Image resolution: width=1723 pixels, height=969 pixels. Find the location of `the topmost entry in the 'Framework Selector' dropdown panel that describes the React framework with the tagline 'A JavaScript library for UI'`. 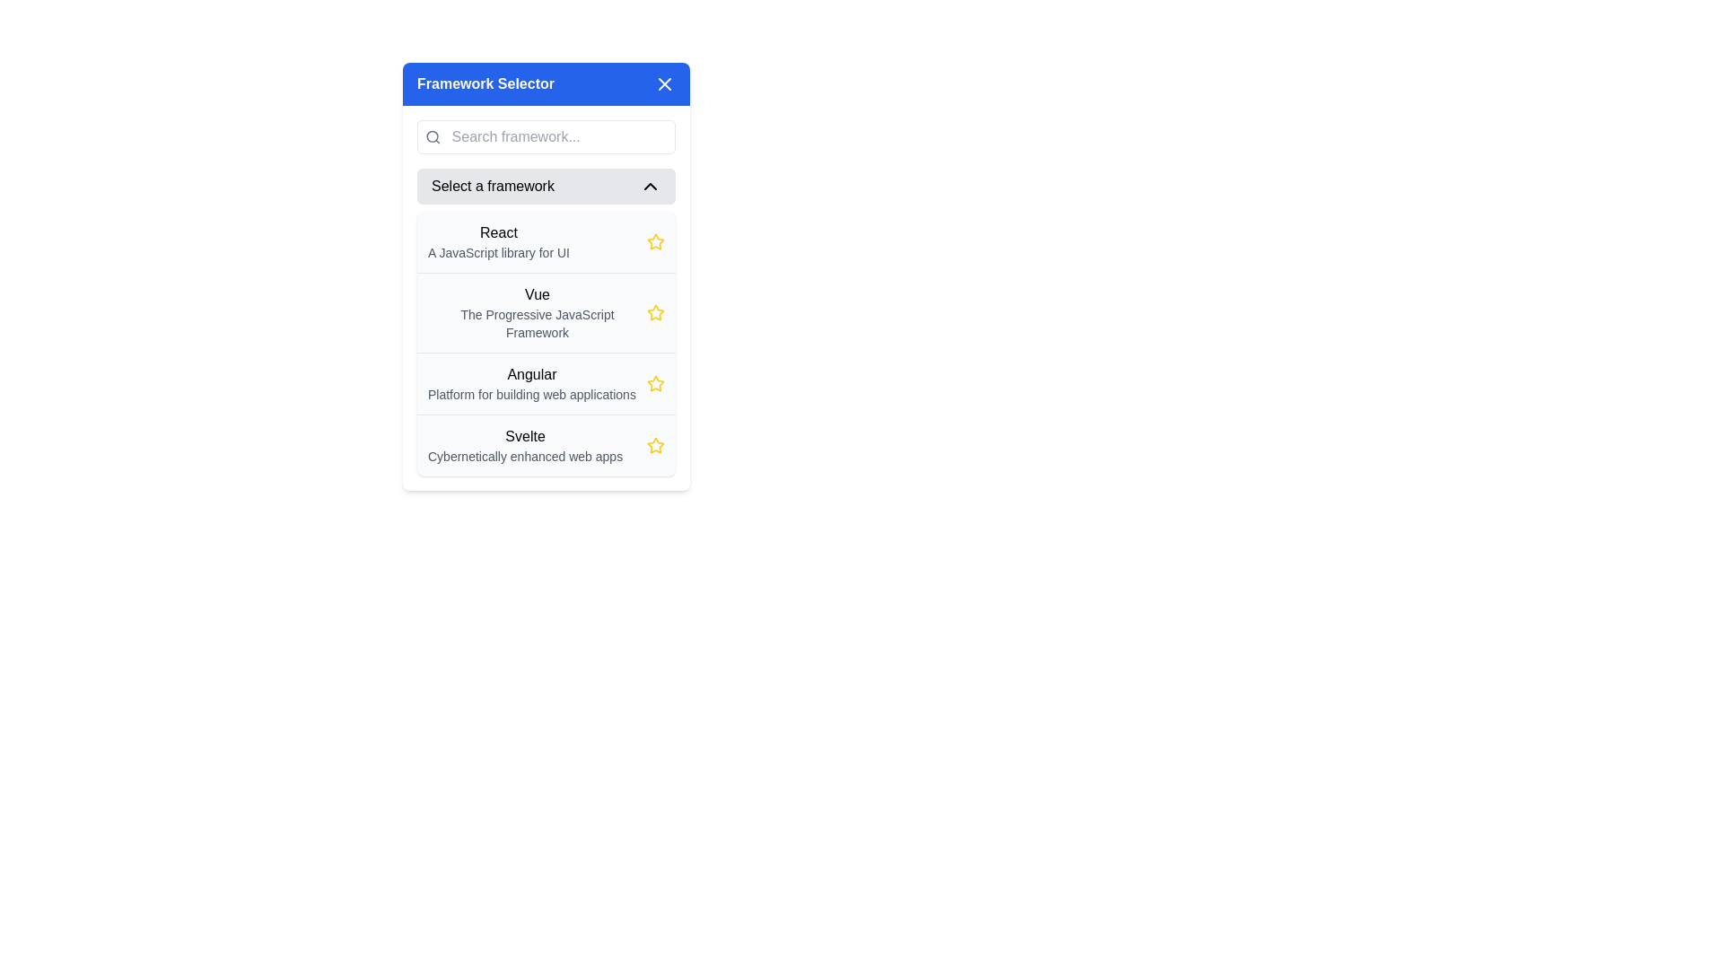

the topmost entry in the 'Framework Selector' dropdown panel that describes the React framework with the tagline 'A JavaScript library for UI' is located at coordinates (499, 242).